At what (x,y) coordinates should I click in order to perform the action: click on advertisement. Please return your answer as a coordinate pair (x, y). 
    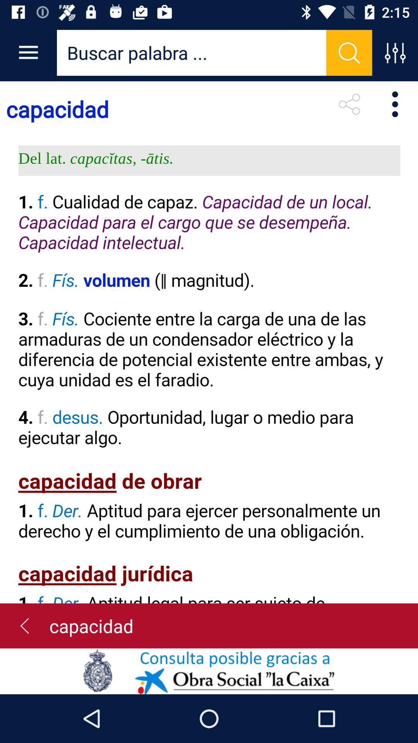
    Looking at the image, I should click on (209, 671).